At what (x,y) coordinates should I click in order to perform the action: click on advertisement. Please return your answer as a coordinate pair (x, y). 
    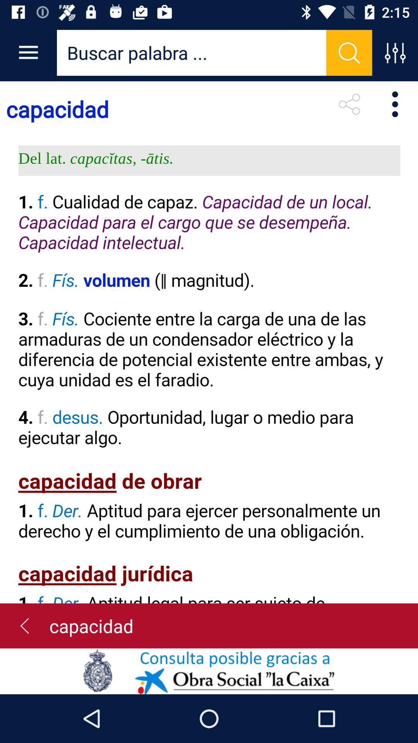
    Looking at the image, I should click on (209, 671).